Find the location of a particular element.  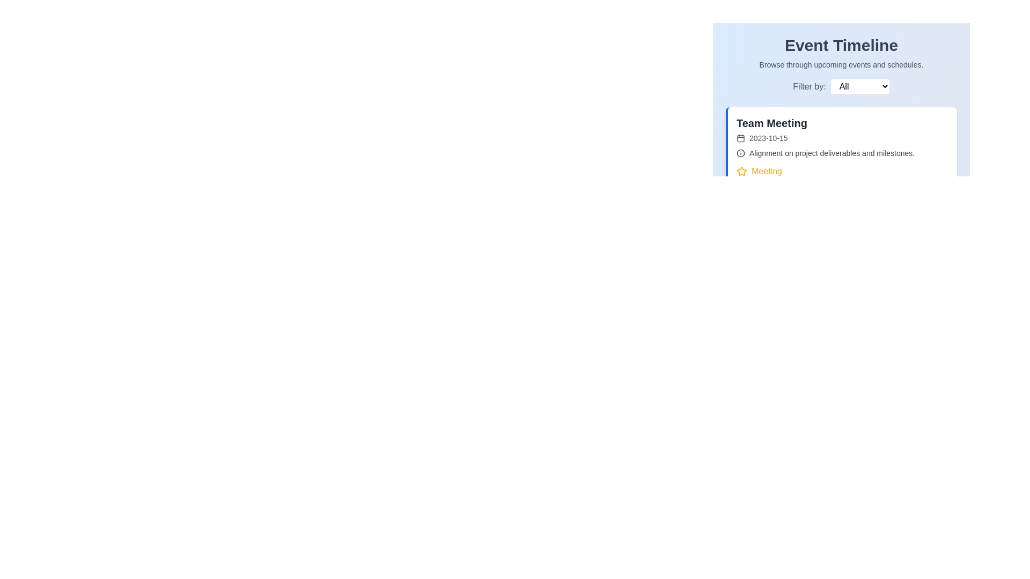

the icon located below the title and date, and above the 'Meeting' label is located at coordinates (842, 153).